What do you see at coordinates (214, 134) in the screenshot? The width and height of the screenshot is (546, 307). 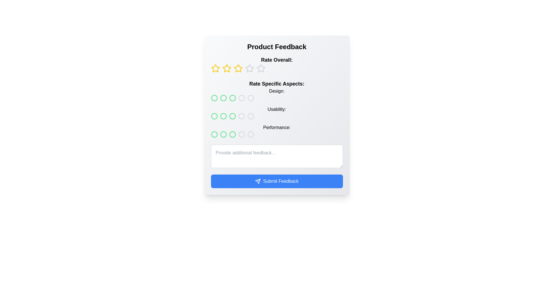 I see `the leftmost circular button styled as a rating indicator in the 'Performance' rating section` at bounding box center [214, 134].